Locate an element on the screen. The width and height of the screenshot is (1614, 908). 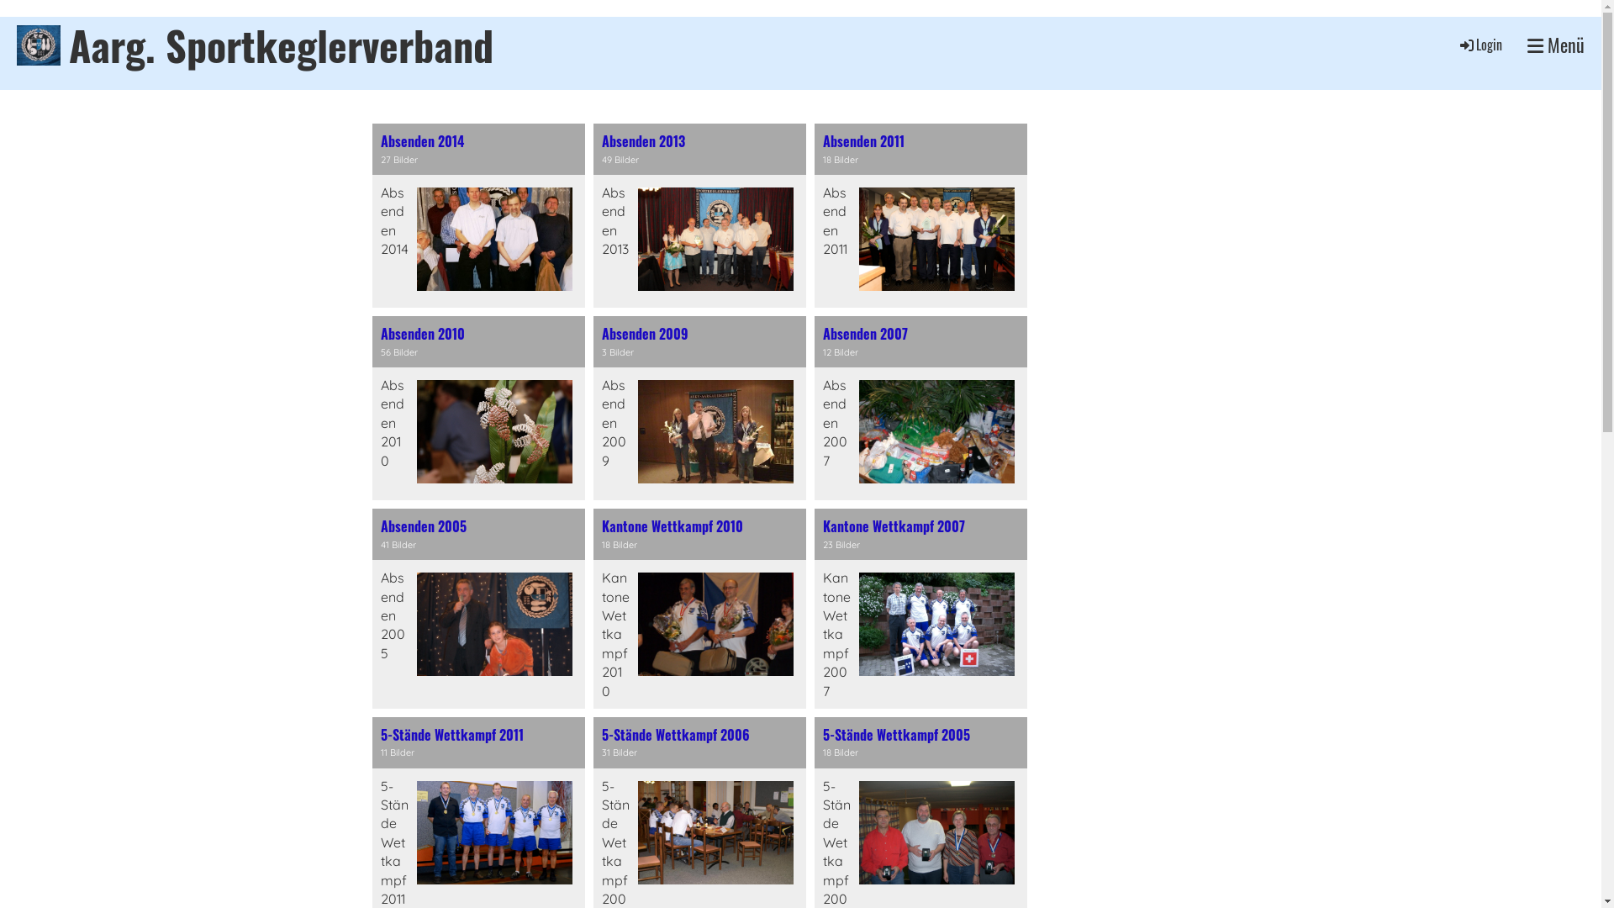
'Absenden 2007 is located at coordinates (920, 408).